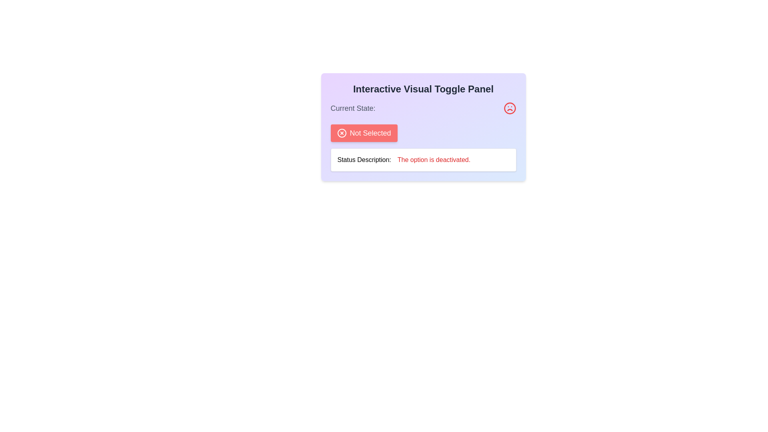  Describe the element at coordinates (509, 108) in the screenshot. I see `the decorative SVG Circle located in the center-left area of the frown icon in the top-right corner of the 'Interactive Visual Toggle Panel'` at that location.